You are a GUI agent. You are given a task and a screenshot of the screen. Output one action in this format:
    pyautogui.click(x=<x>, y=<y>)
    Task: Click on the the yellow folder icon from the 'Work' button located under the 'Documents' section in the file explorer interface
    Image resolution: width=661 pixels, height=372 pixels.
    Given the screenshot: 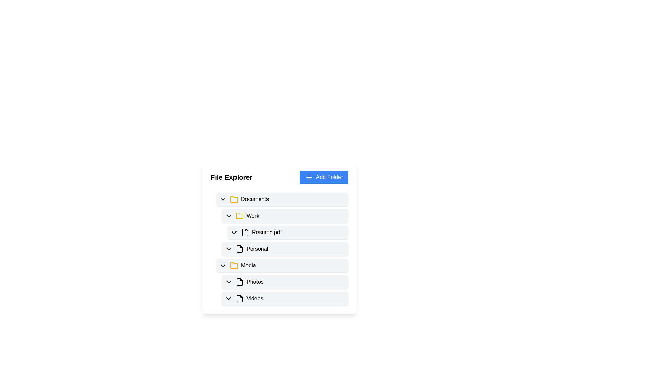 What is the action you would take?
    pyautogui.click(x=285, y=216)
    